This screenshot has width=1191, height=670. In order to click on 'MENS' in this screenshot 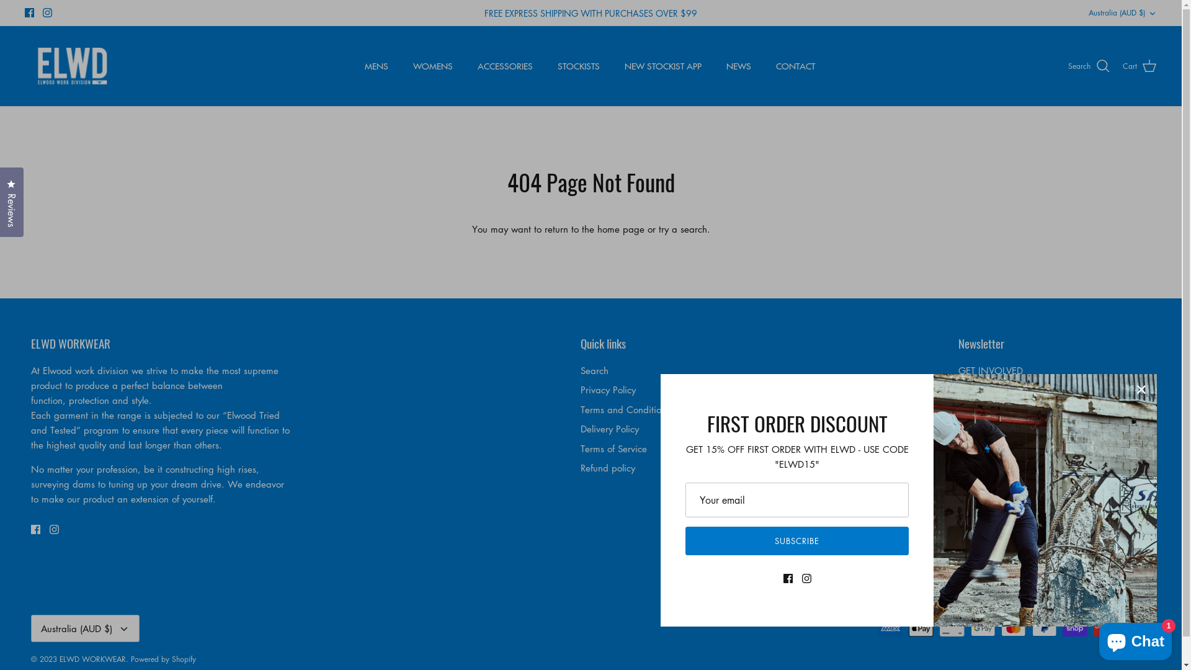, I will do `click(375, 66)`.